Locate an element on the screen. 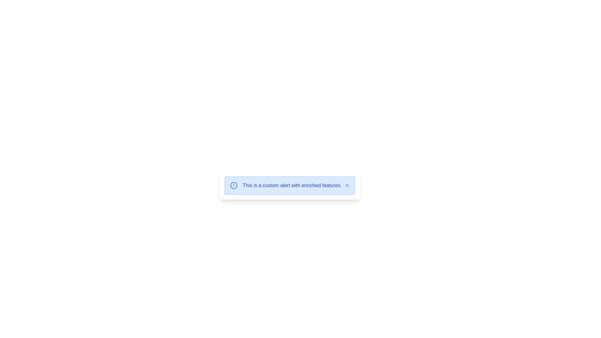  the notification alert box with a light blue background that contains an exclamation icon and a close button is located at coordinates (289, 185).